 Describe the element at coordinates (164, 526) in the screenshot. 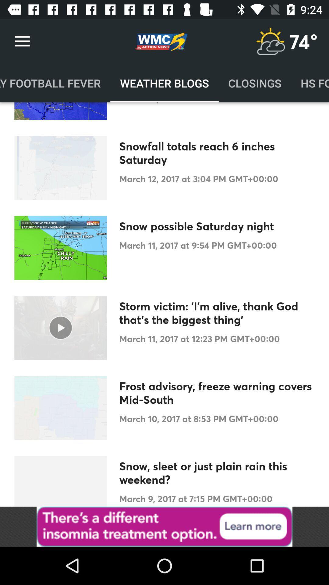

I see `advertisement area` at that location.